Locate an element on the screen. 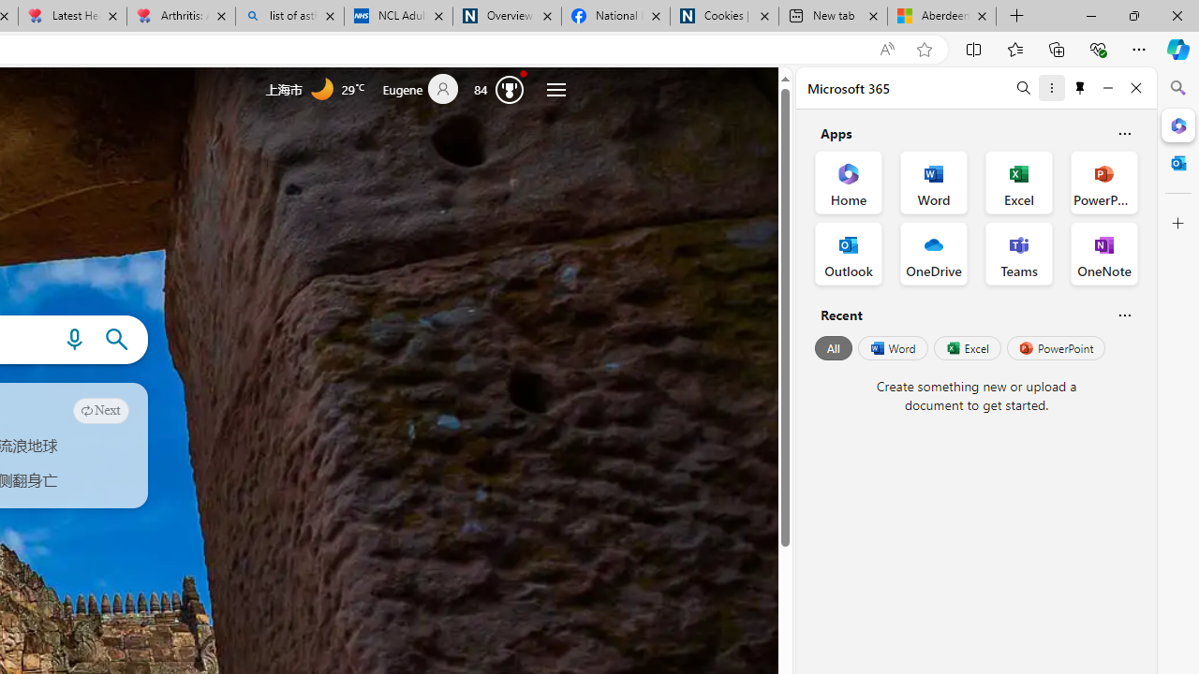 The height and width of the screenshot is (674, 1199). 'PowerPoint Office App' is located at coordinates (1103, 183).